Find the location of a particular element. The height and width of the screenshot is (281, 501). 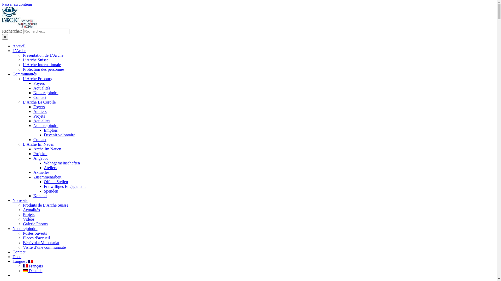

'Nous rejoindre' is located at coordinates (46, 92).